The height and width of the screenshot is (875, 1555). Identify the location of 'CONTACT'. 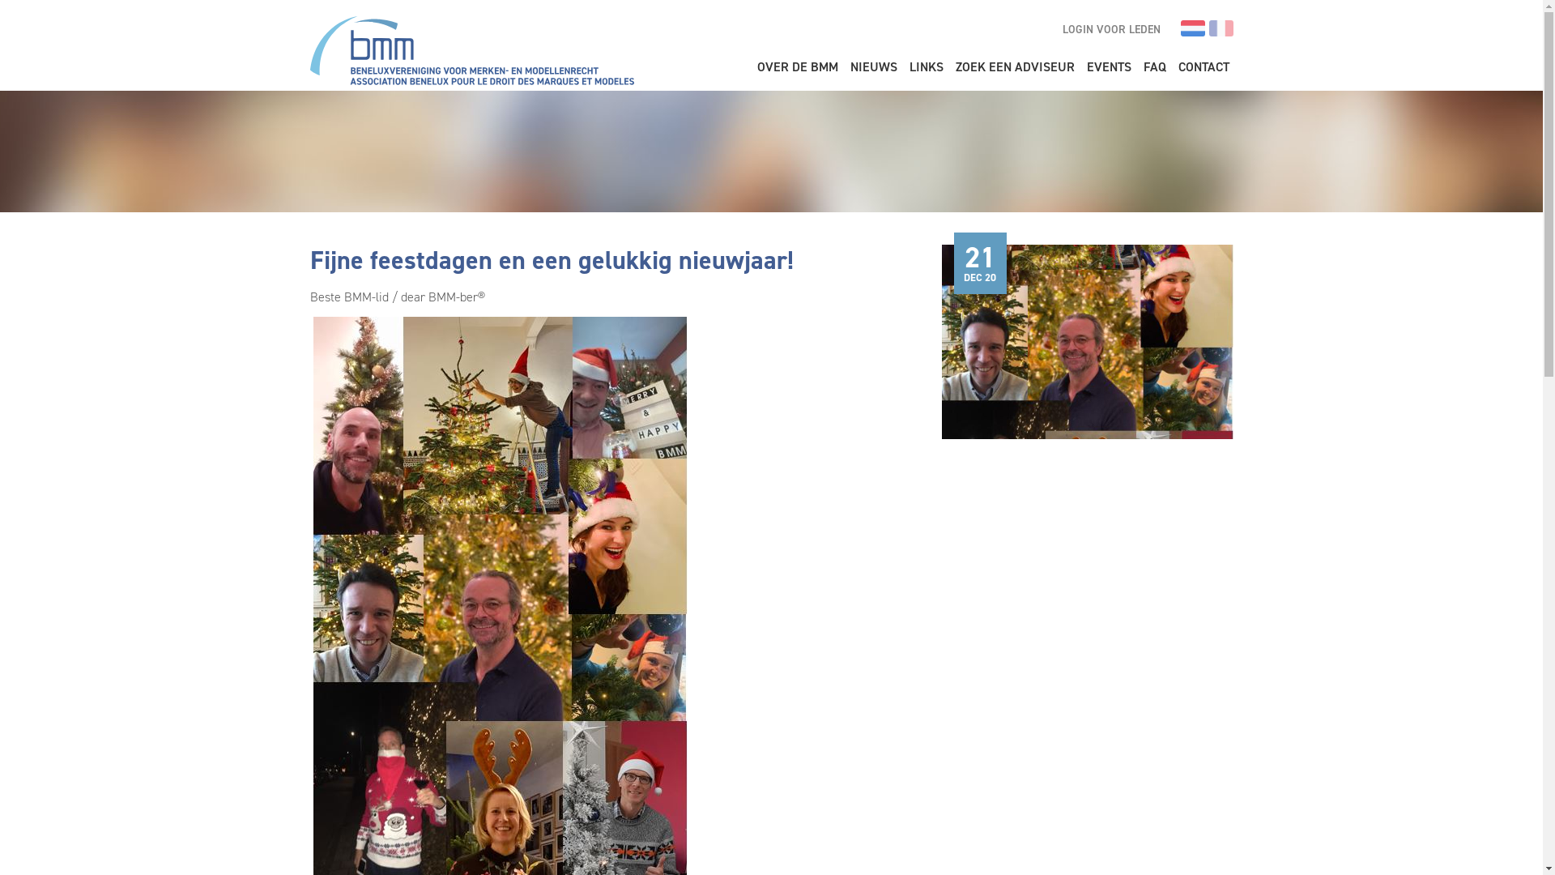
(1204, 67).